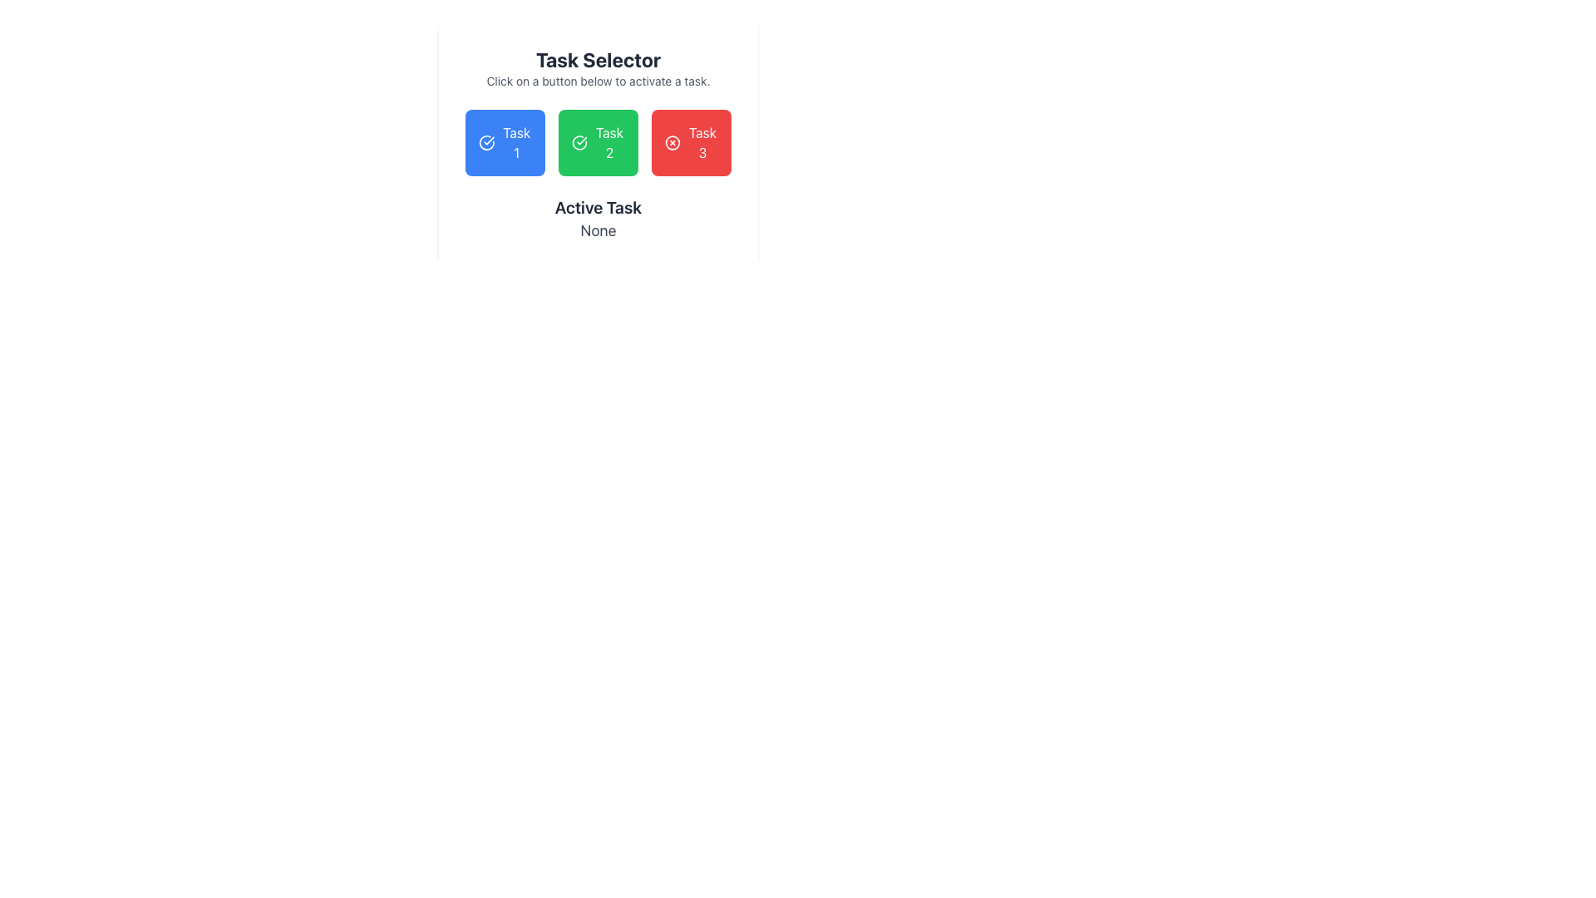 The width and height of the screenshot is (1596, 898). I want to click on the prominent rectangular button labeled 'Task 3' with a vibrant red background and white text for accessibility purposes, so click(691, 142).